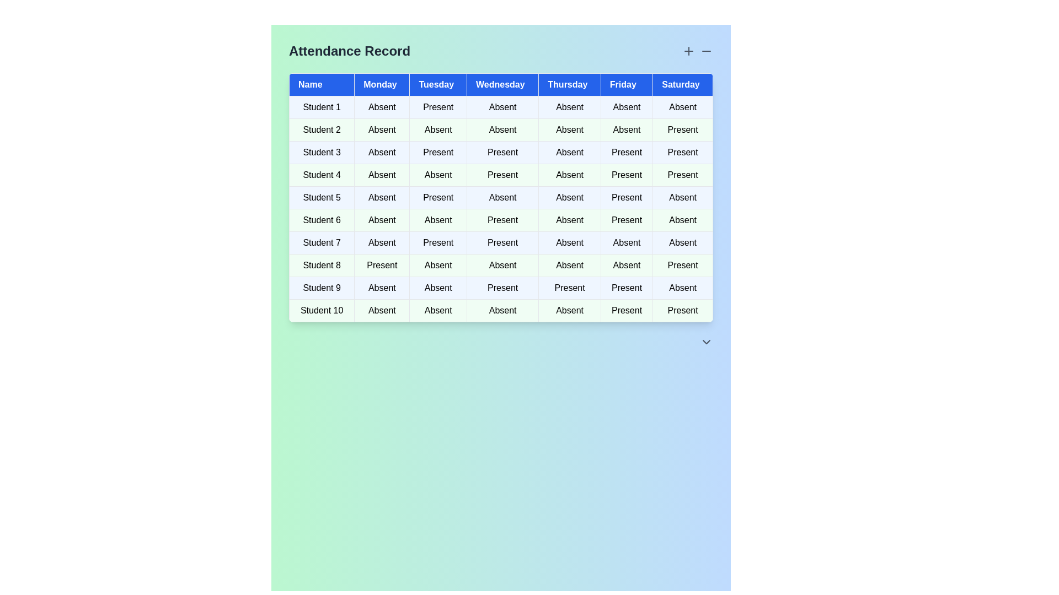  What do you see at coordinates (707, 342) in the screenshot?
I see `the 'ChevronDown' icon to toggle the visibility of additional details` at bounding box center [707, 342].